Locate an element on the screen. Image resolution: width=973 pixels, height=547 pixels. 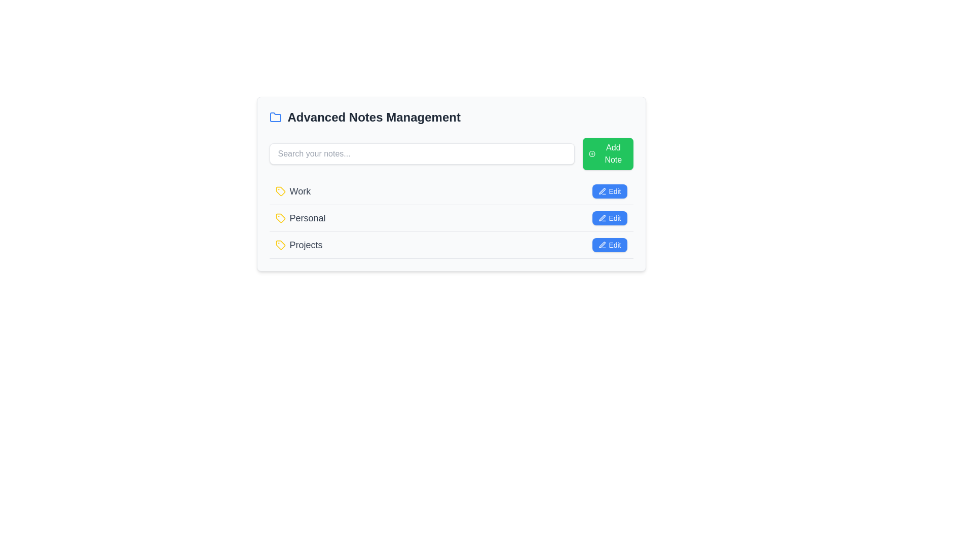
the small vector graphic icon resembling a pen, which is positioned to the right of the 'Personal' list item, within a horizontal row of icons is located at coordinates (603, 217).